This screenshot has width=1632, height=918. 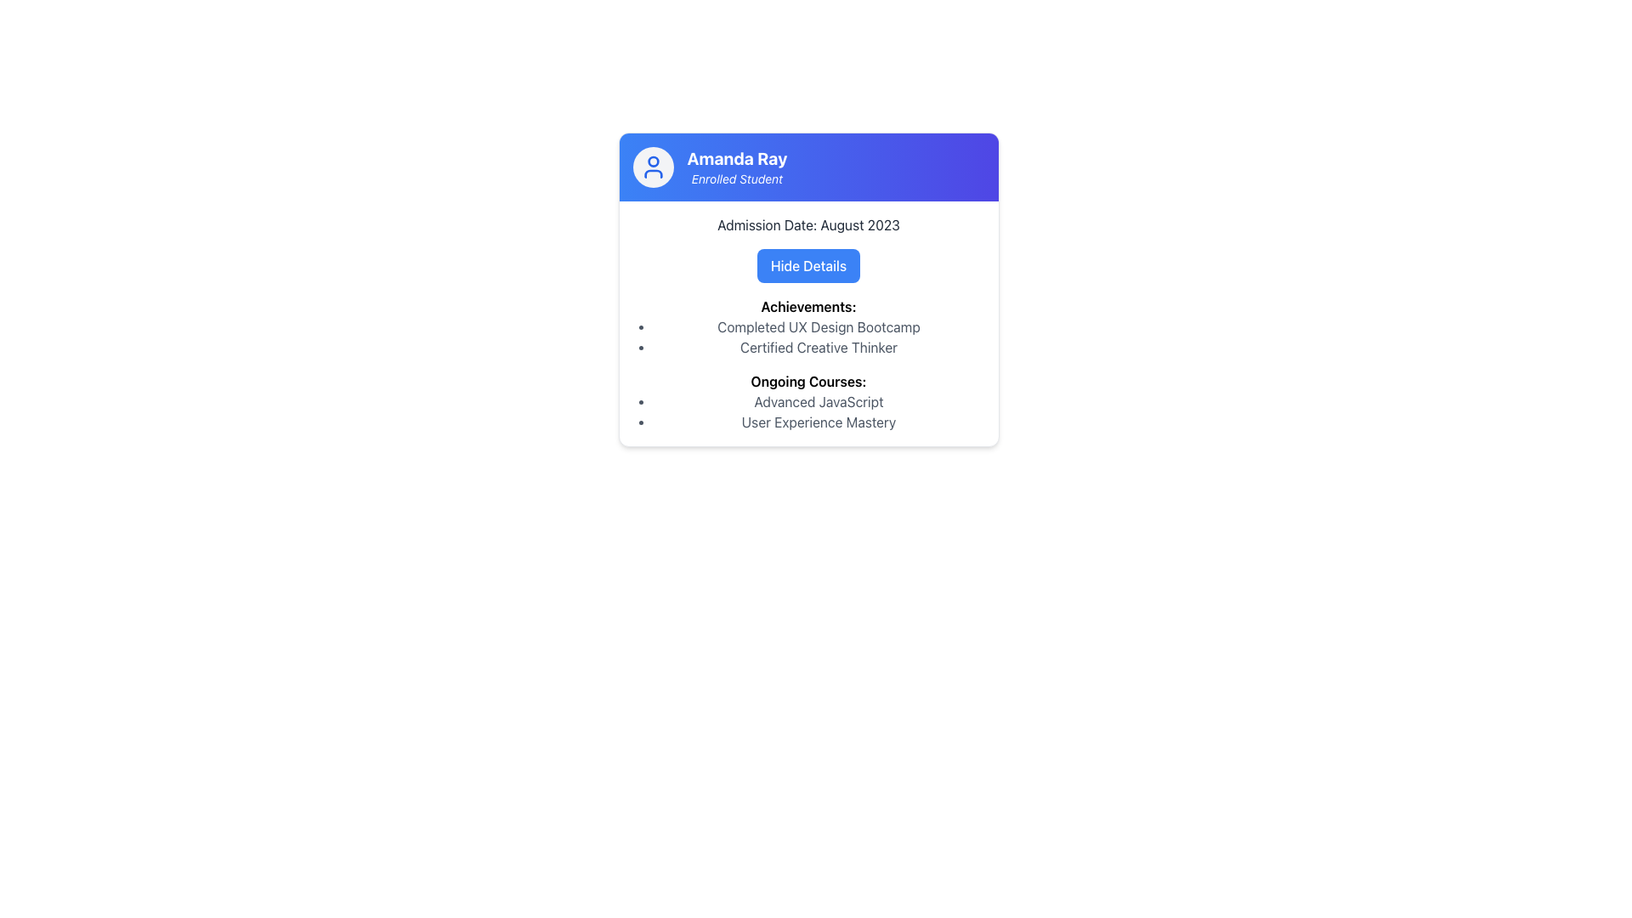 What do you see at coordinates (807, 402) in the screenshot?
I see `the 'Ongoing Courses:' text display block to emphasize the content, which includes the heading and bullet-pointed list of courses` at bounding box center [807, 402].